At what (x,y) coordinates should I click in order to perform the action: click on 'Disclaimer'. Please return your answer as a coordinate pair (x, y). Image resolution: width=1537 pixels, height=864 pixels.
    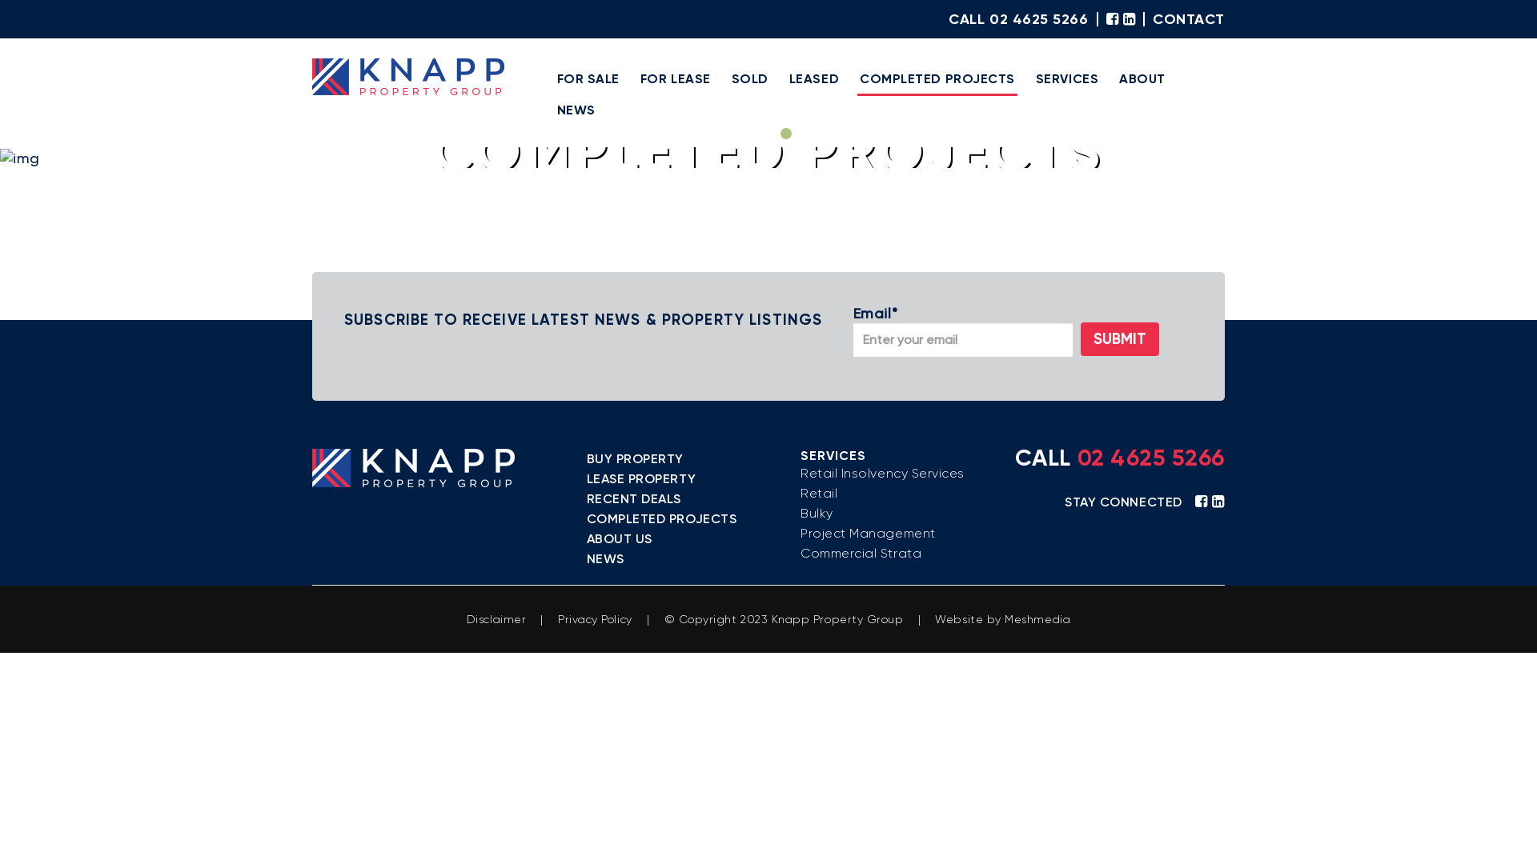
    Looking at the image, I should click on (465, 618).